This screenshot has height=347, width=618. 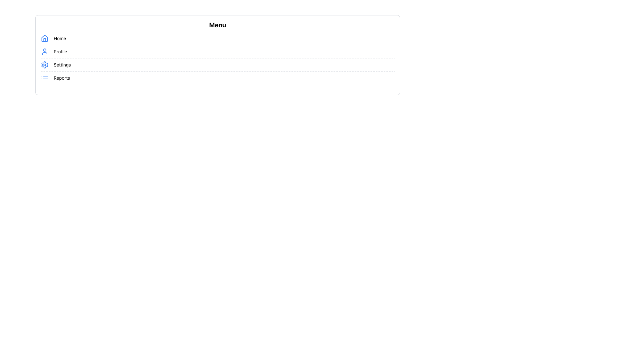 What do you see at coordinates (218, 65) in the screenshot?
I see `the 'Settings' menu item, which is the third item in the vertical list of menu options and is located inside the 'Menu' section` at bounding box center [218, 65].